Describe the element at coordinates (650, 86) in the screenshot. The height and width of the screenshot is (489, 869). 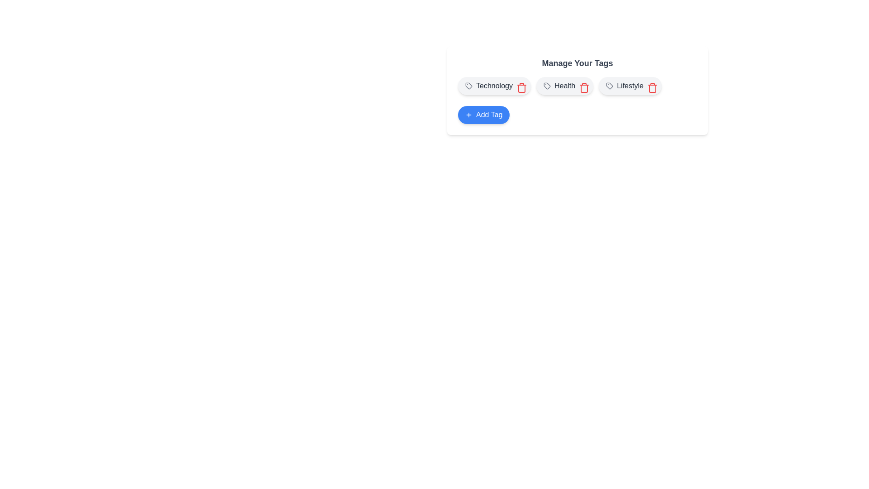
I see `the delete button for the tag labeled Lifestyle` at that location.